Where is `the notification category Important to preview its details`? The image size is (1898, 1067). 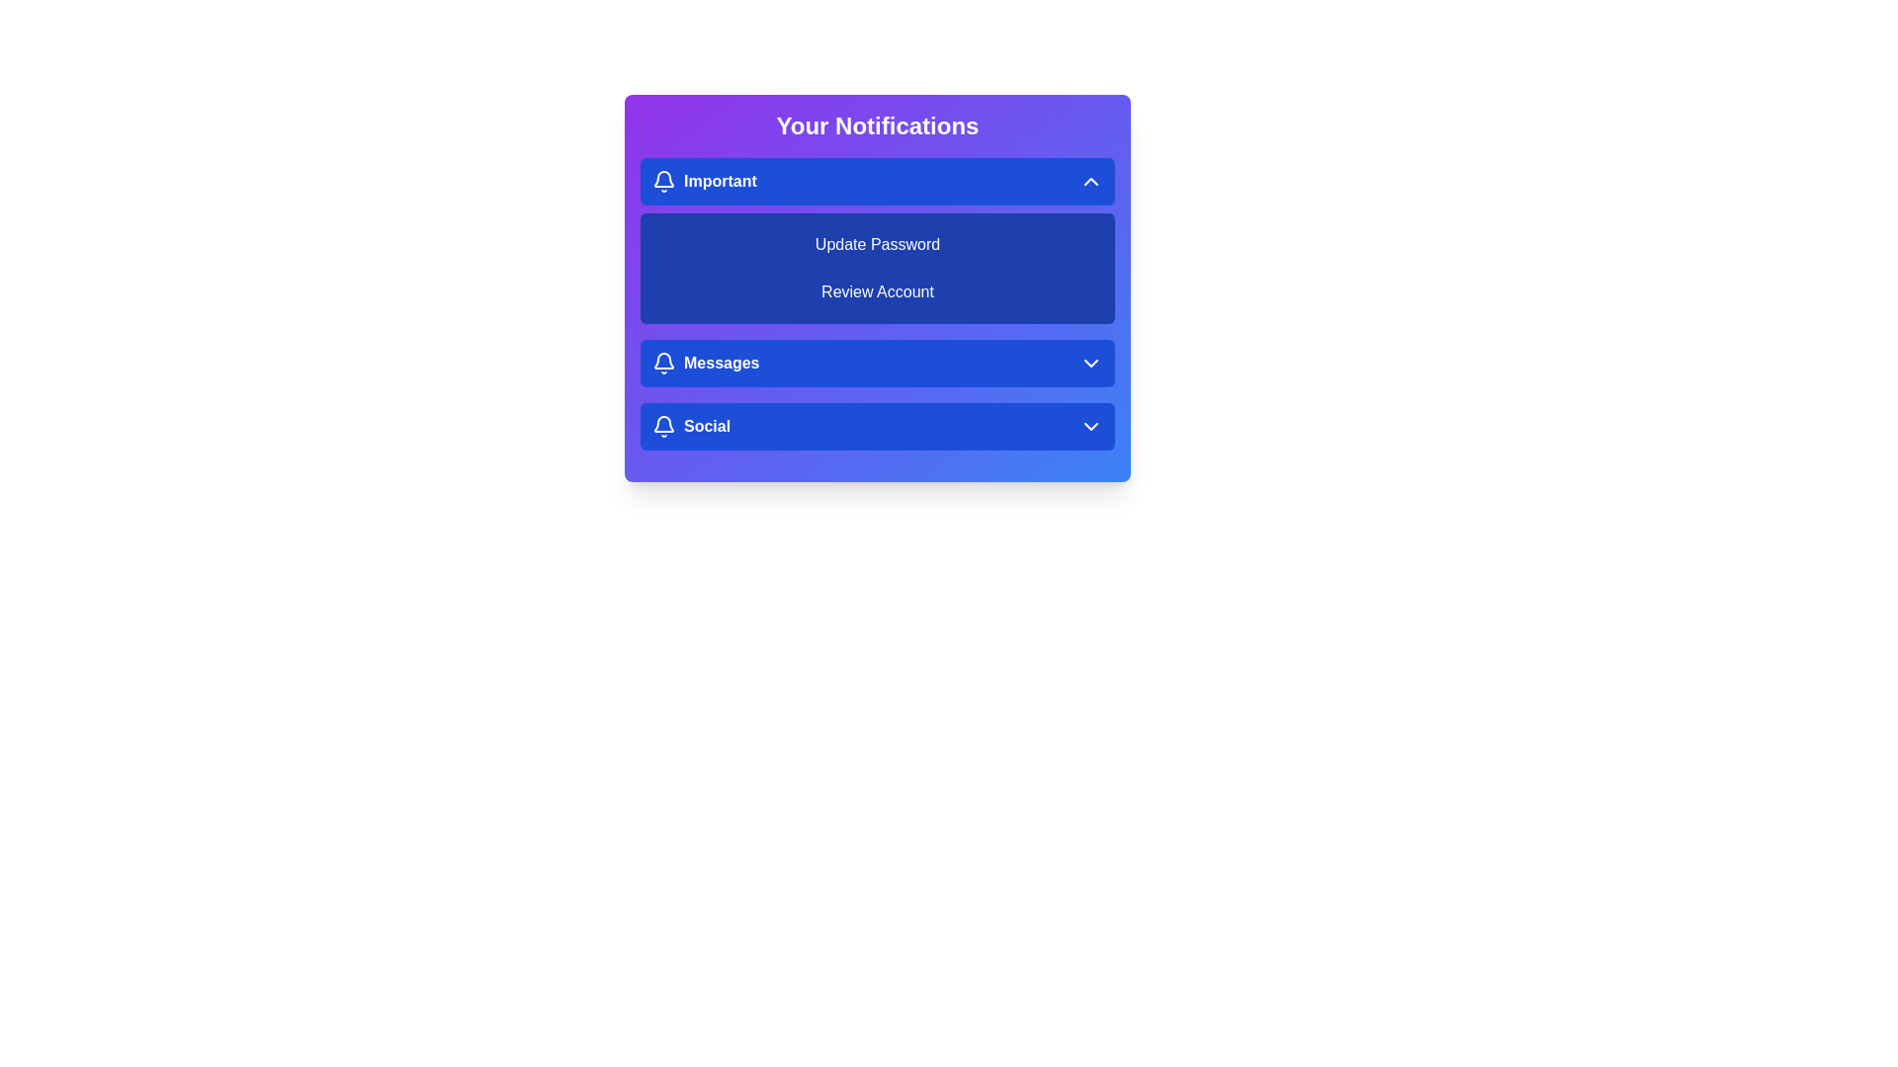 the notification category Important to preview its details is located at coordinates (877, 182).